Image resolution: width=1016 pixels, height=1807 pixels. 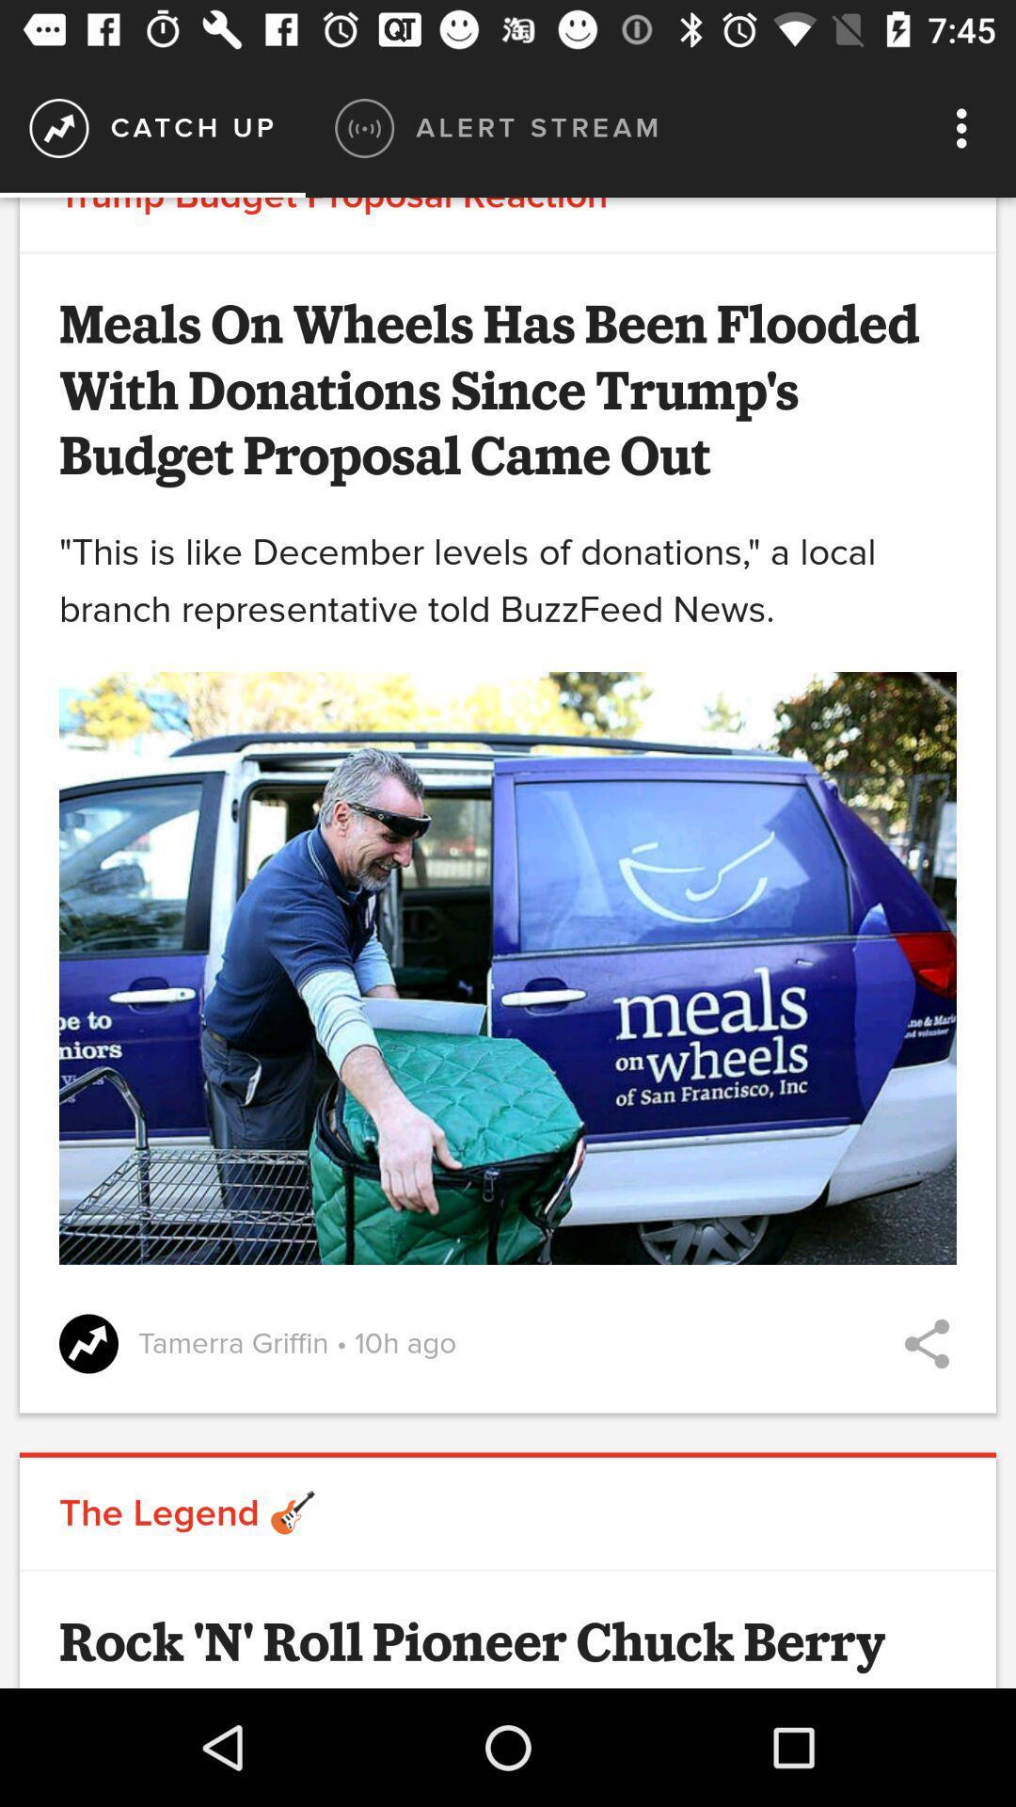 I want to click on share article, so click(x=926, y=1342).